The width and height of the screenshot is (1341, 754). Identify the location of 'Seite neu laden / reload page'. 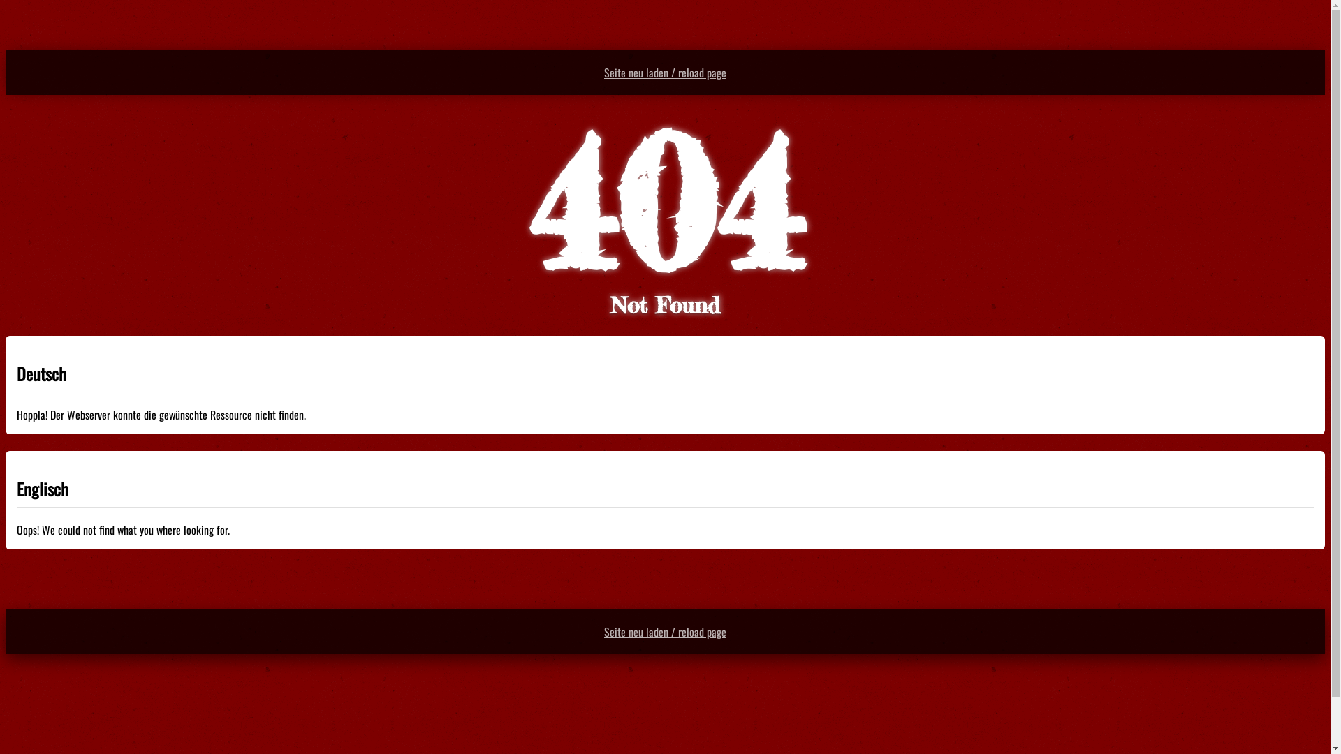
(664, 632).